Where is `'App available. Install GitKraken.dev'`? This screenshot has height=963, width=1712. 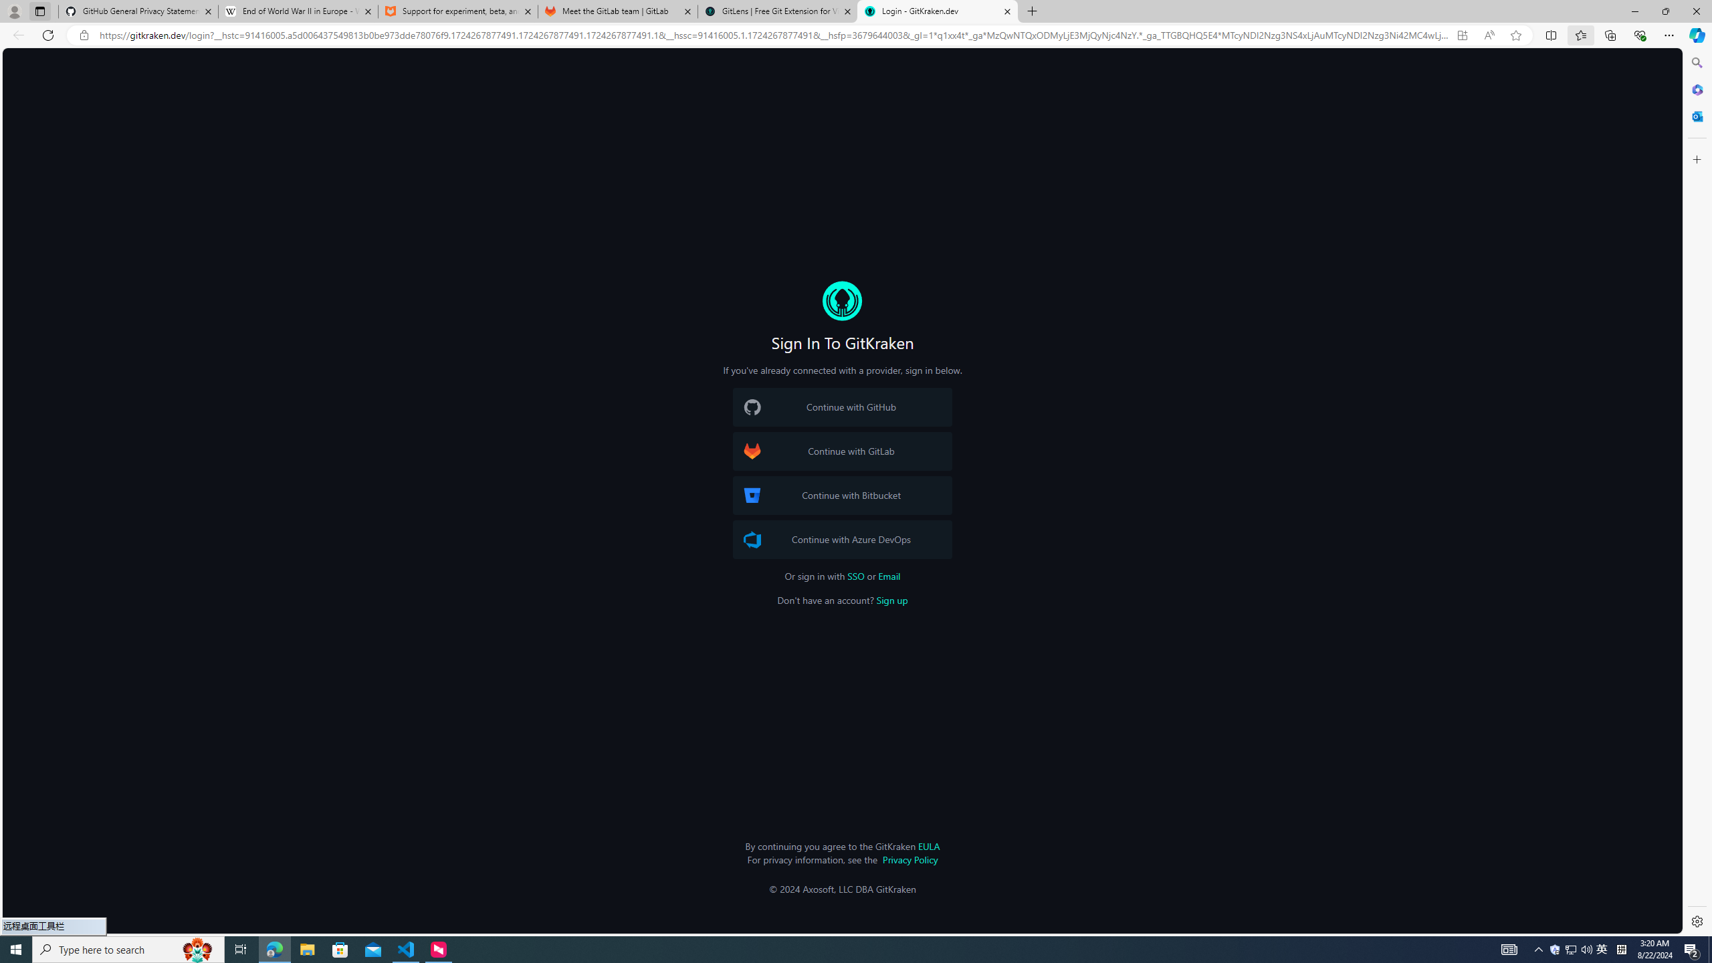
'App available. Install GitKraken.dev' is located at coordinates (1461, 35).